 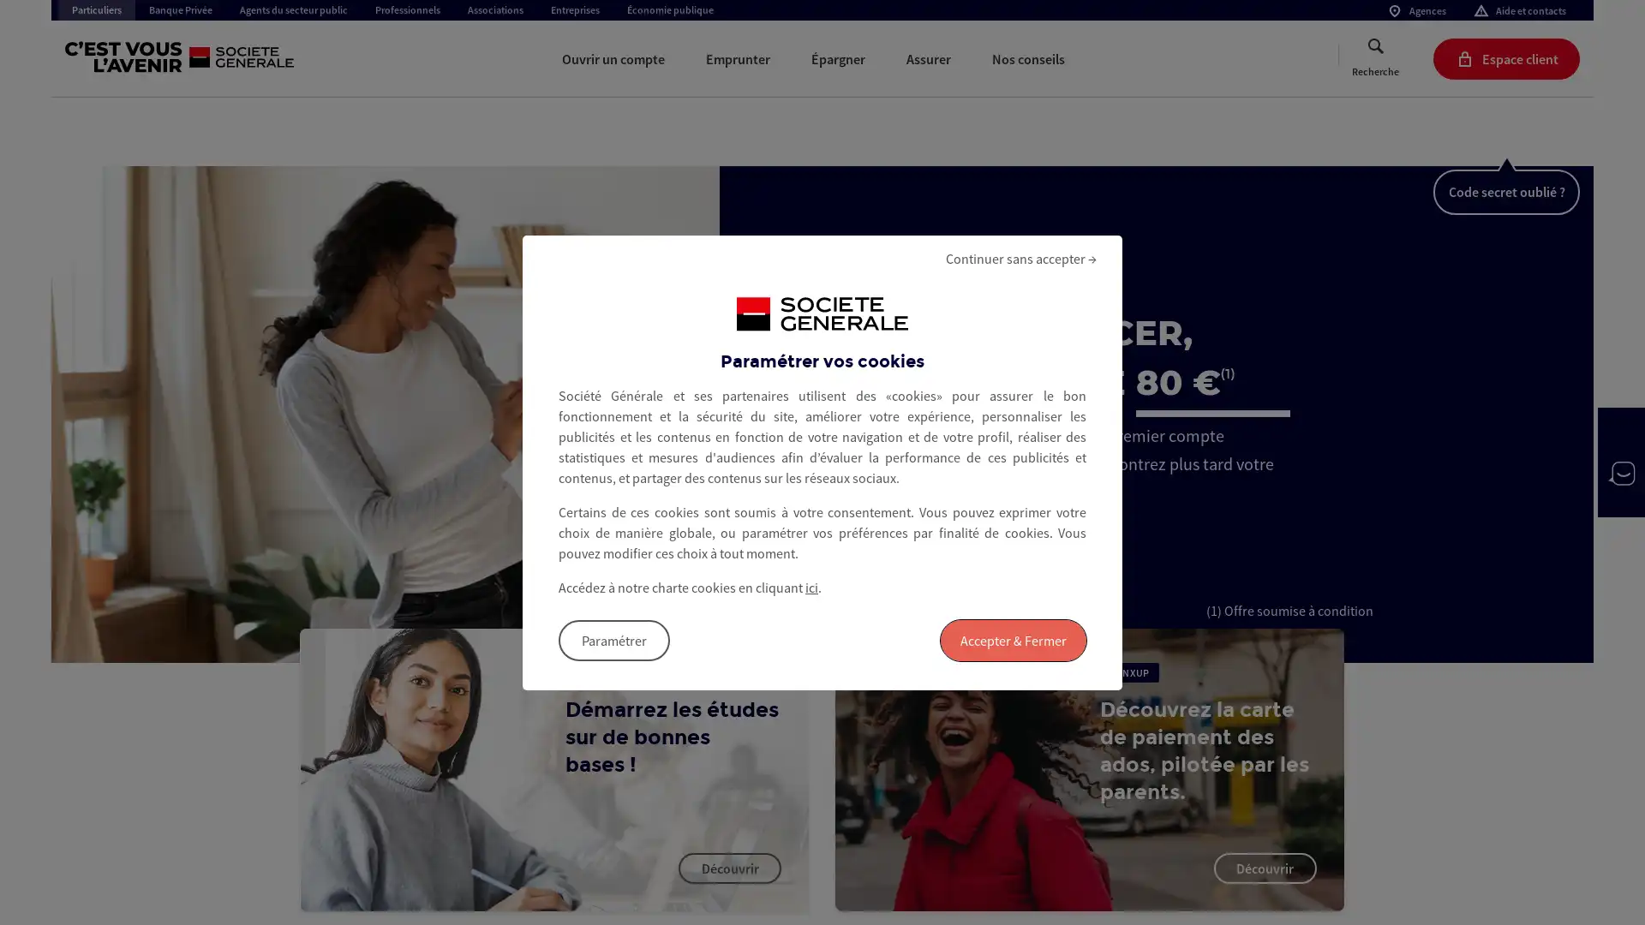 I want to click on Continuer sans accepter, so click(x=1020, y=257).